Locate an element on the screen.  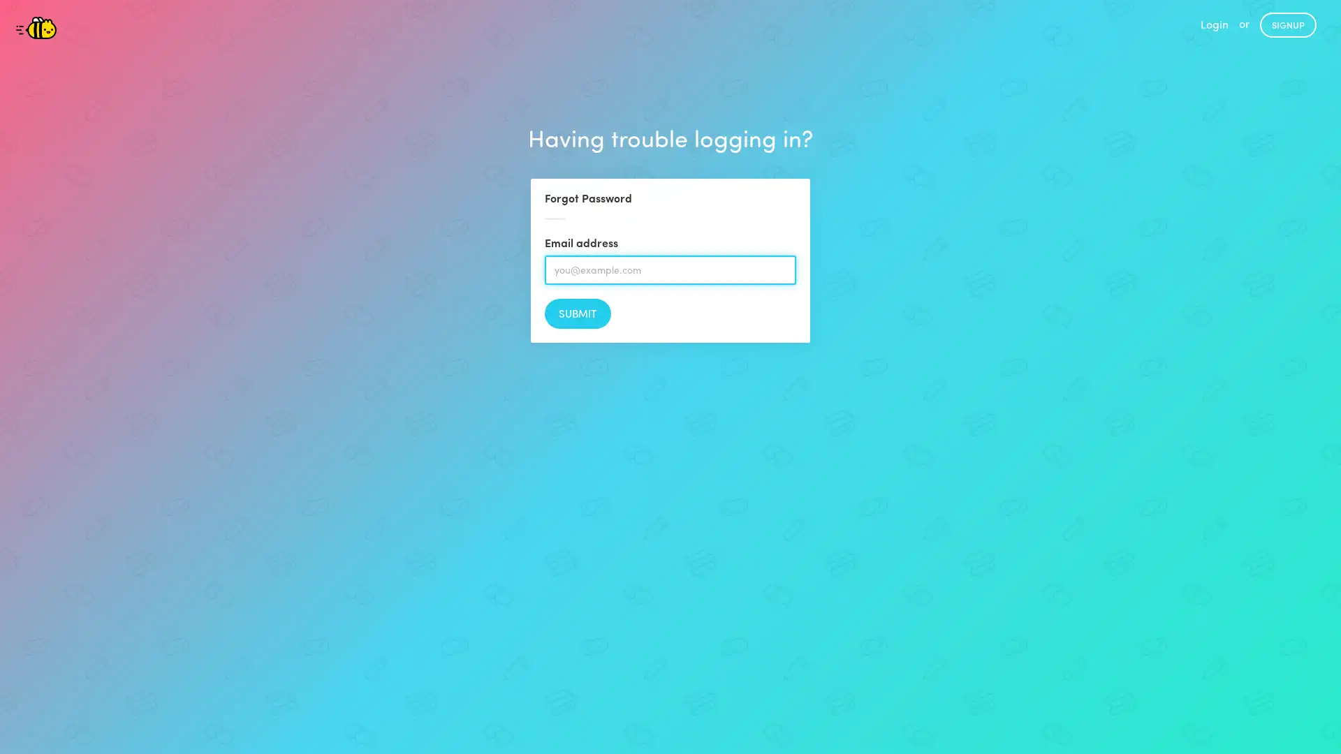
Submit is located at coordinates (578, 312).